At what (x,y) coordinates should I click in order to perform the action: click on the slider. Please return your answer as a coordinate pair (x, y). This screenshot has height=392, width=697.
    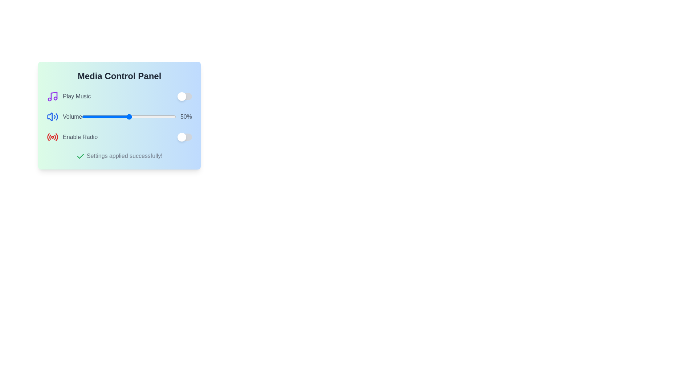
    Looking at the image, I should click on (83, 116).